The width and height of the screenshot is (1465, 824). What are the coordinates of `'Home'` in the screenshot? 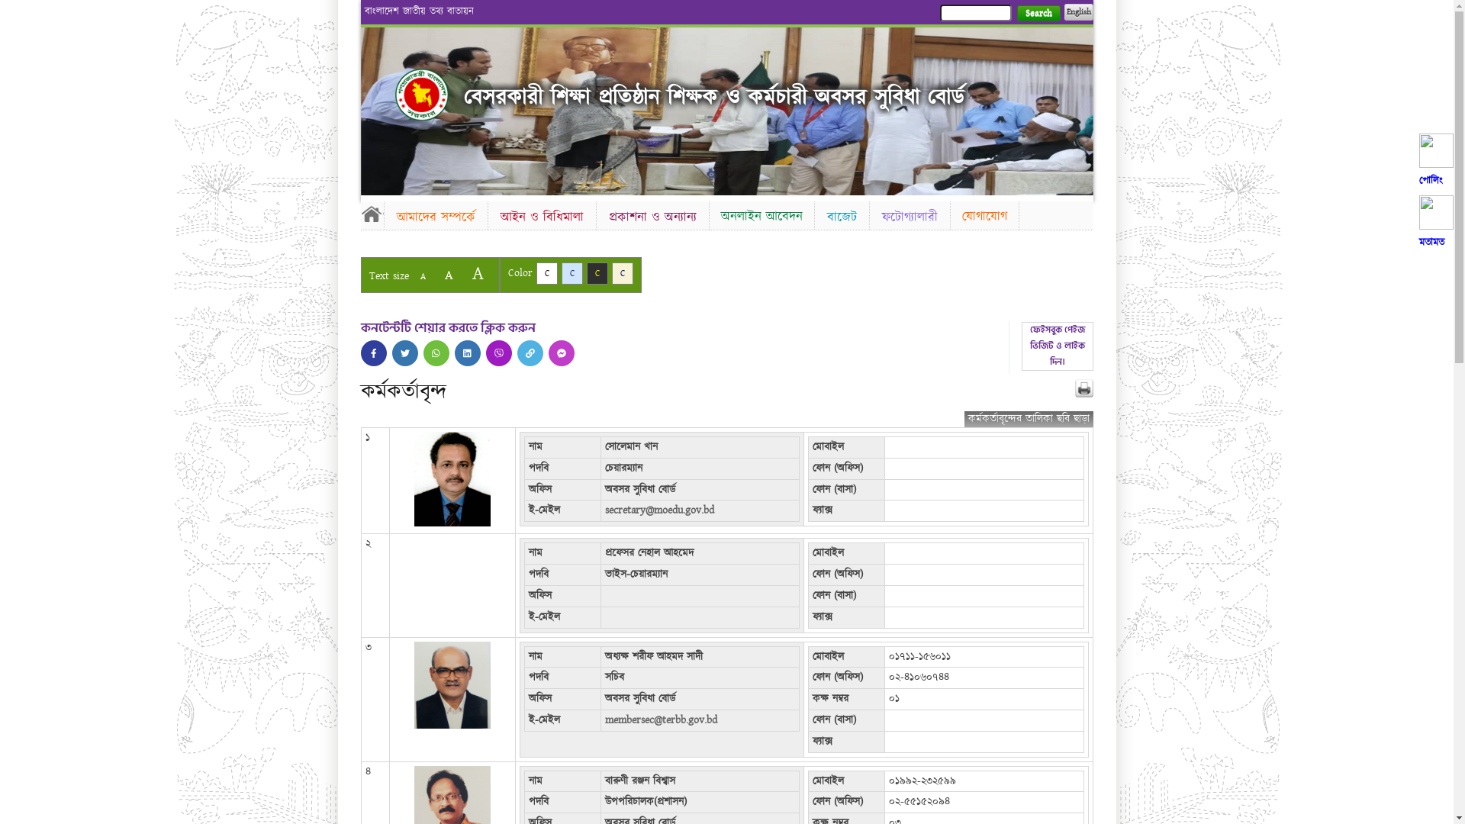 It's located at (371, 214).